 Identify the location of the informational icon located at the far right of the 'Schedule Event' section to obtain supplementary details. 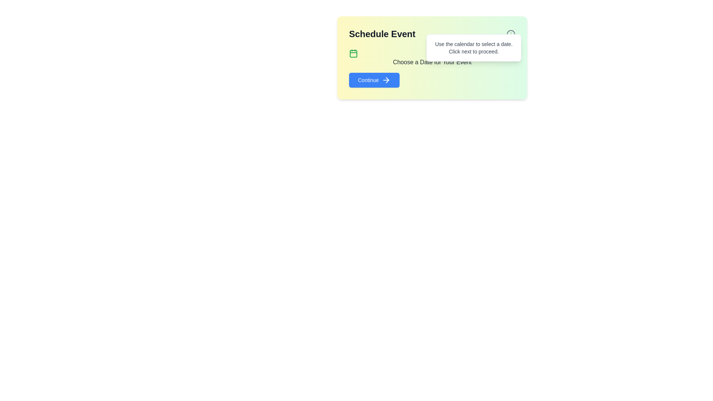
(511, 34).